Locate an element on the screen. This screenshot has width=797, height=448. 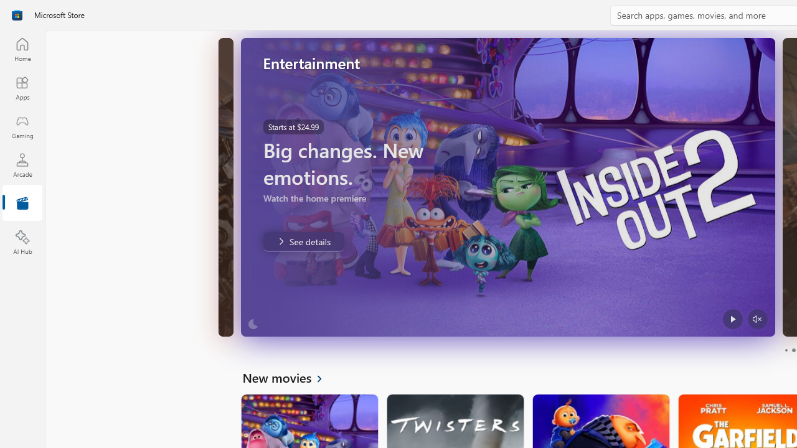
'Play Trailer' is located at coordinates (732, 319).